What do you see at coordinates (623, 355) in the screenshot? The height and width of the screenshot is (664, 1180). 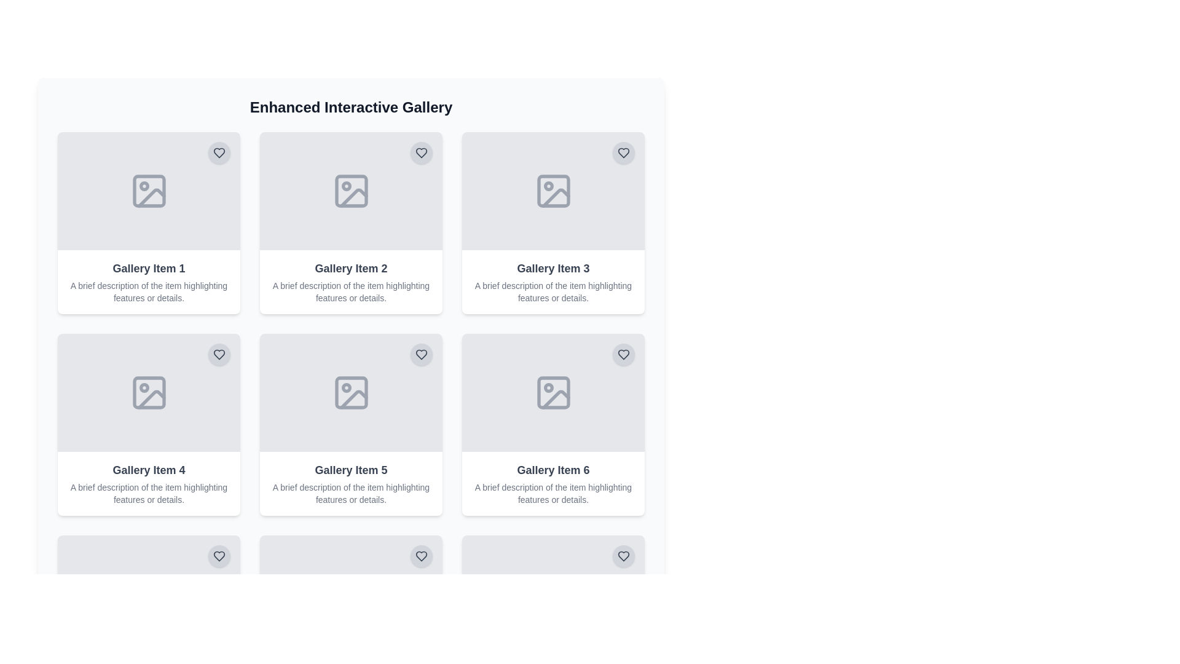 I see `the heart-shaped SVG icon located at the top-right corner of the sixth gallery item, which indicates a 'like' or 'favorite' action` at bounding box center [623, 355].